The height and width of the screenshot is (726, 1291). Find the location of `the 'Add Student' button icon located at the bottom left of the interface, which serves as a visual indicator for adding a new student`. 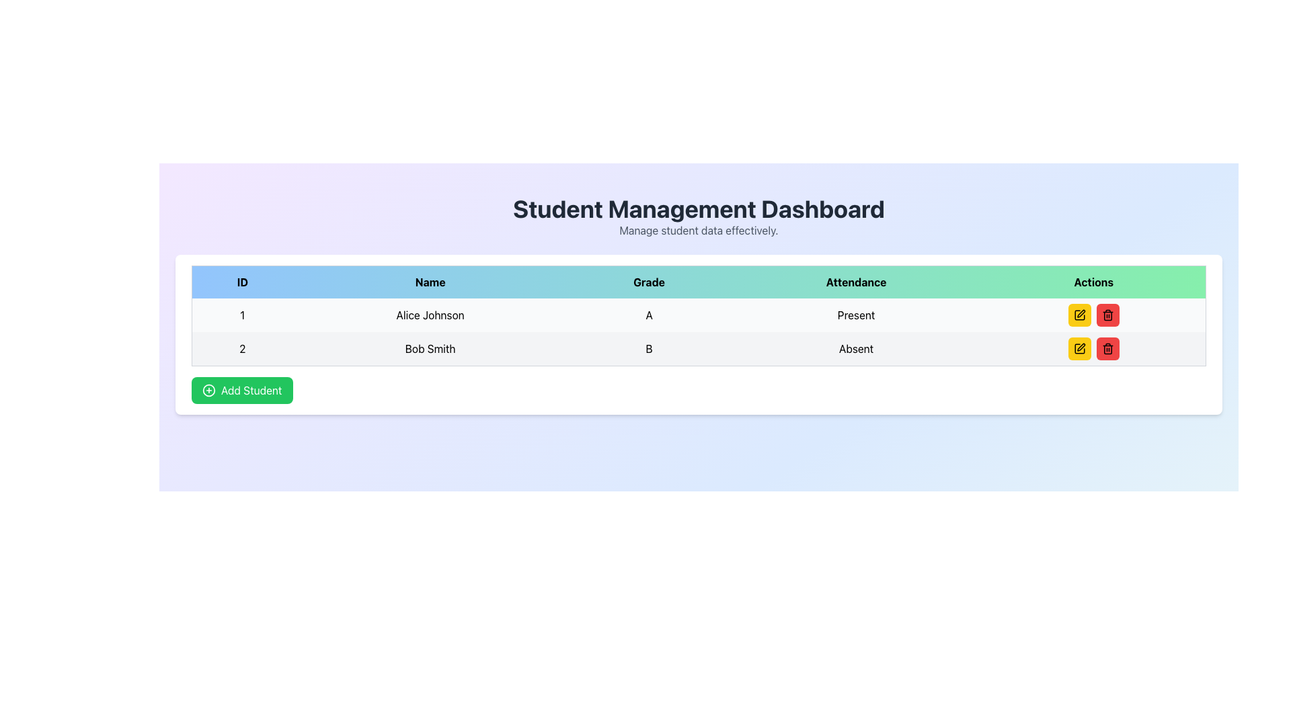

the 'Add Student' button icon located at the bottom left of the interface, which serves as a visual indicator for adding a new student is located at coordinates (208, 391).